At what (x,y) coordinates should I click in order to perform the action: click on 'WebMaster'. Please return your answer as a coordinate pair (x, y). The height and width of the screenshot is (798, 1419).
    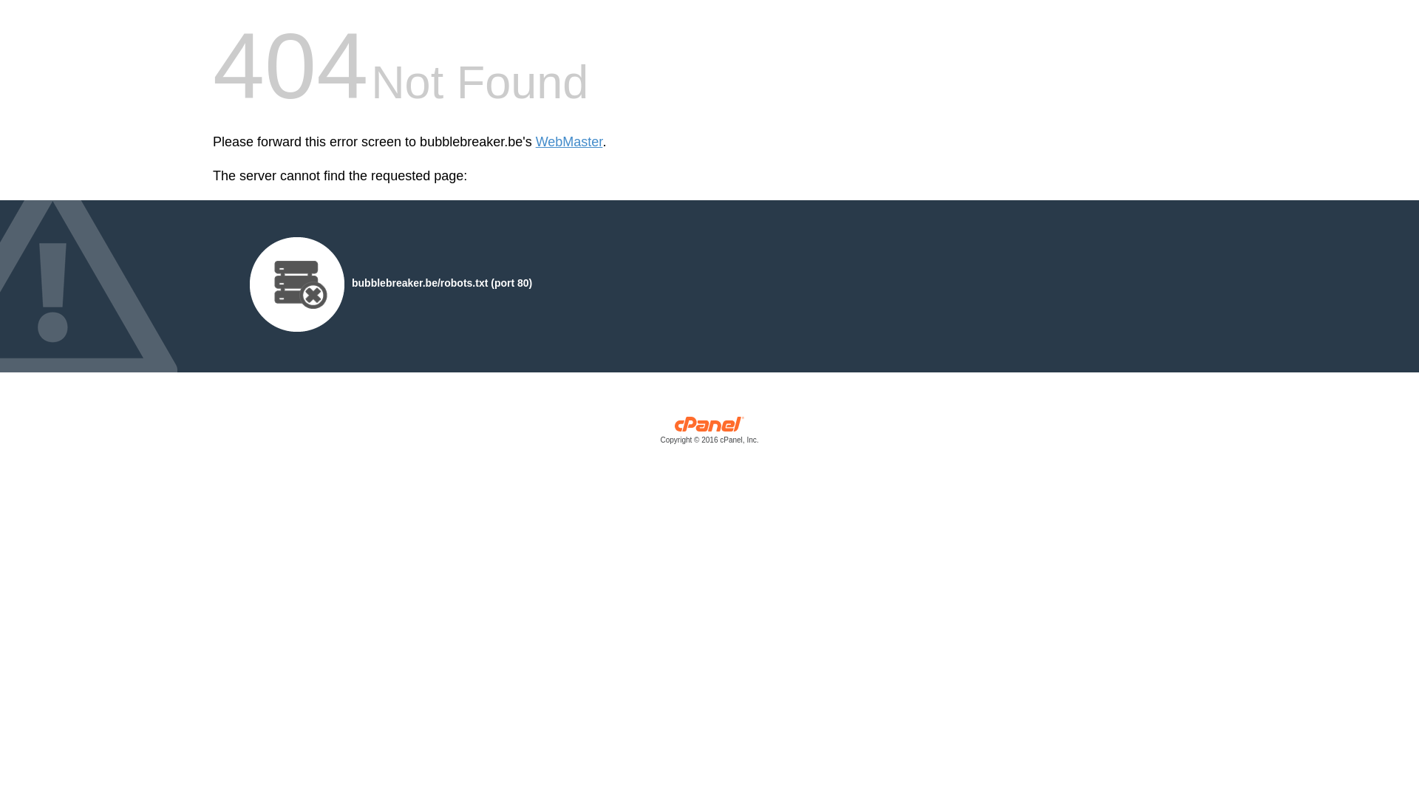
    Looking at the image, I should click on (534, 142).